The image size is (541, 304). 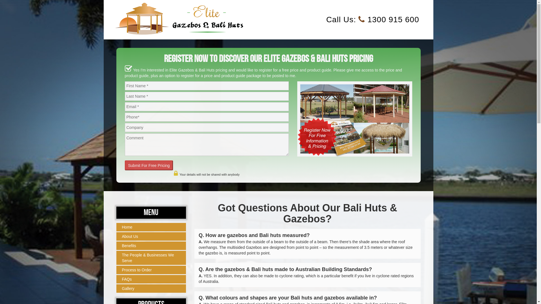 I want to click on 'FAQs', so click(x=151, y=279).